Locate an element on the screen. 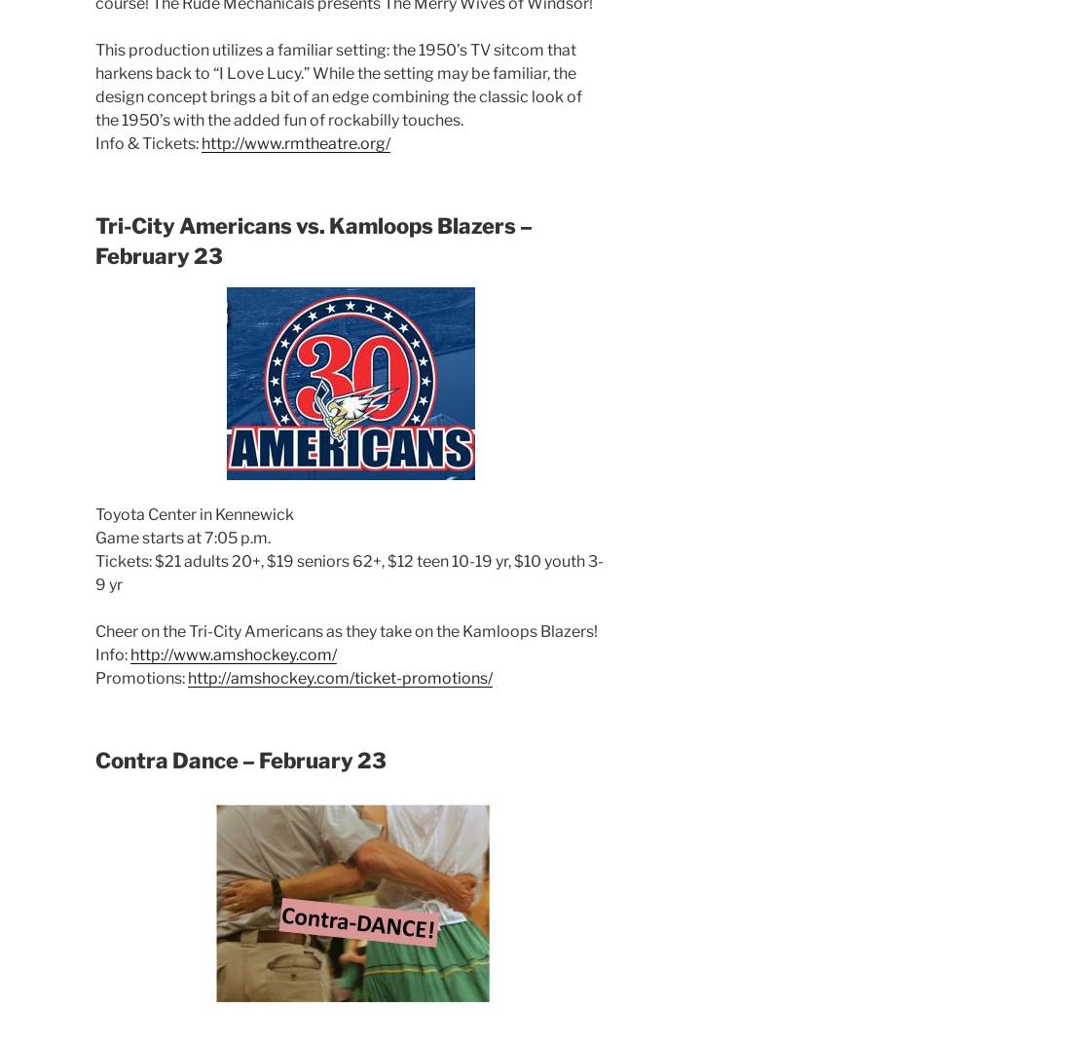 The image size is (1071, 1044). 'http://www.rmtheatre.org/' is located at coordinates (295, 141).